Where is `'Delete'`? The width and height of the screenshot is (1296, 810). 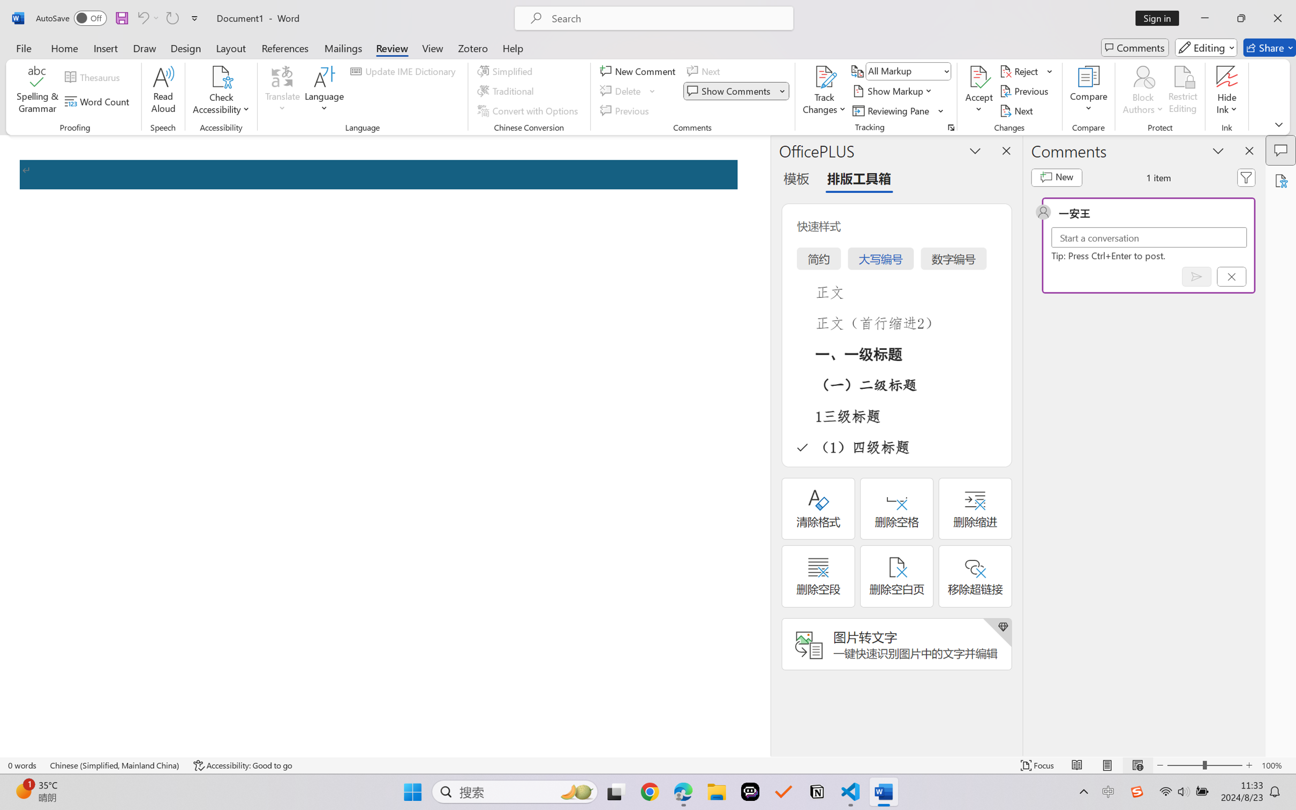
'Delete' is located at coordinates (628, 91).